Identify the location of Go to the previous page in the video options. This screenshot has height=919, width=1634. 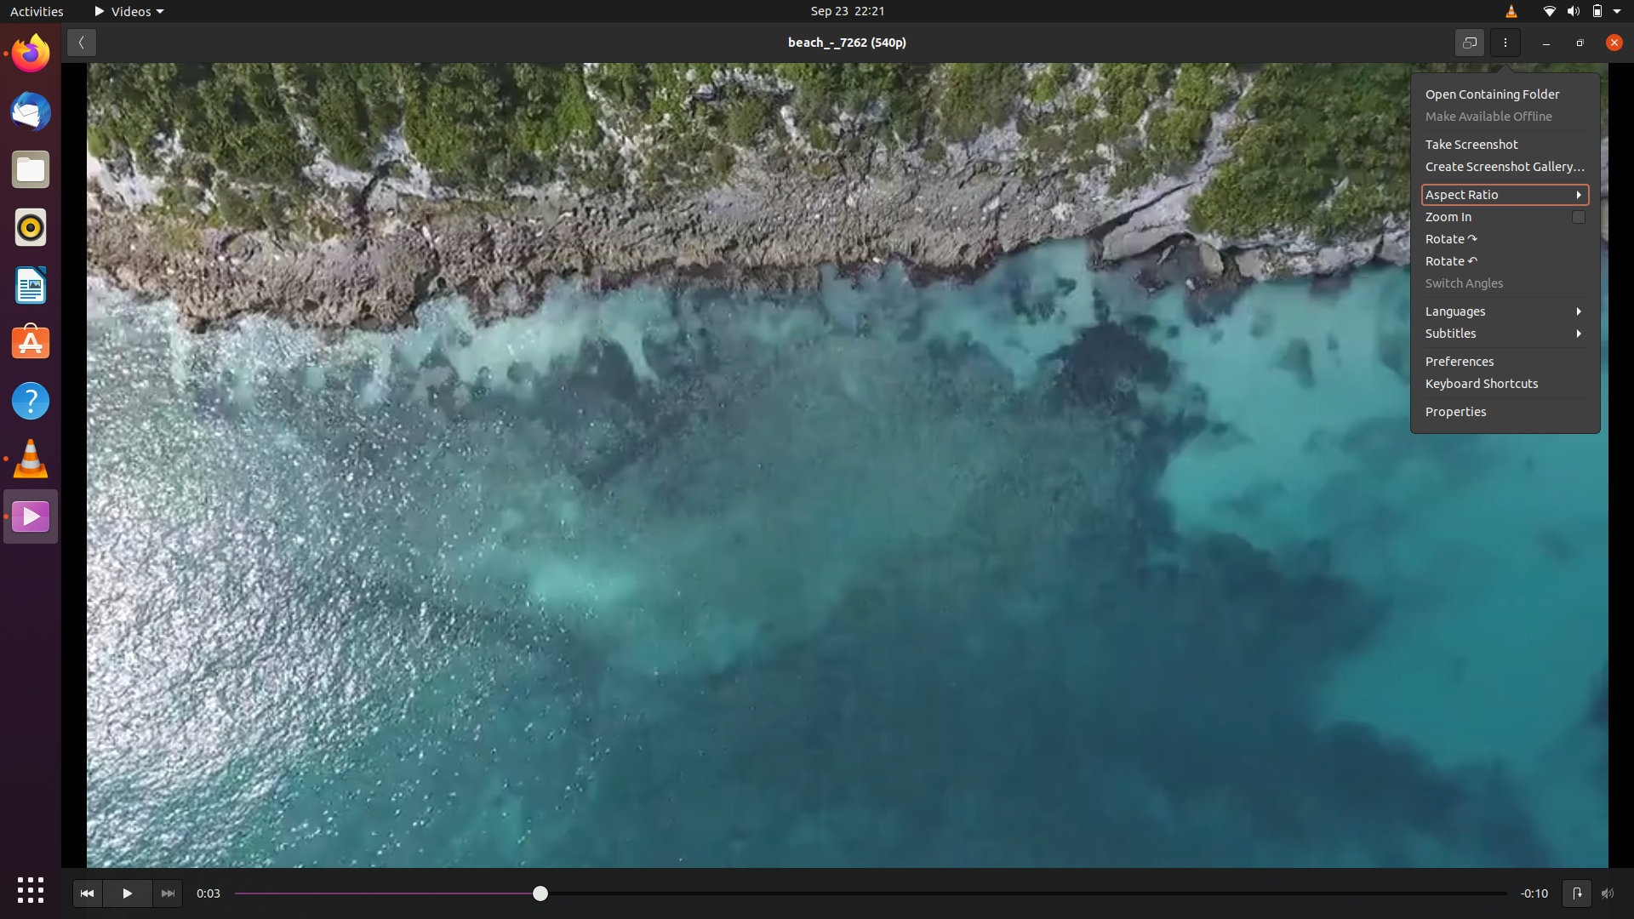
(78, 41).